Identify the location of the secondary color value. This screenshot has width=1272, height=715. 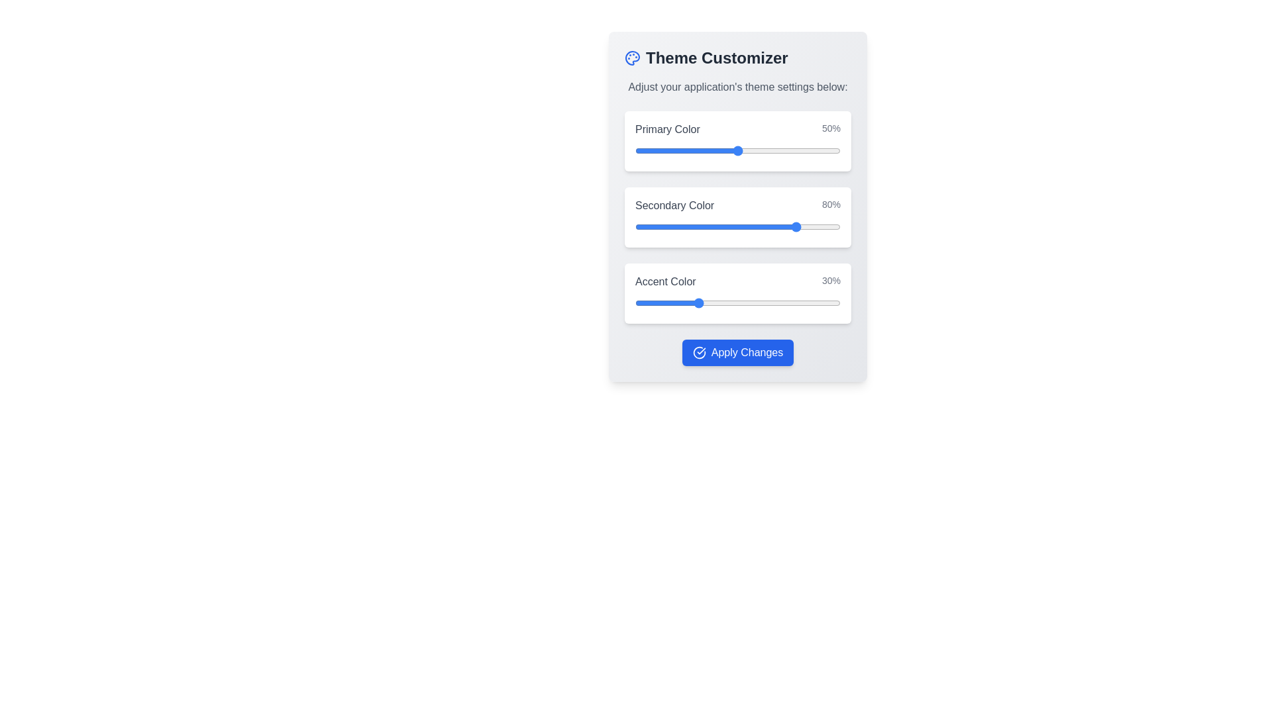
(688, 226).